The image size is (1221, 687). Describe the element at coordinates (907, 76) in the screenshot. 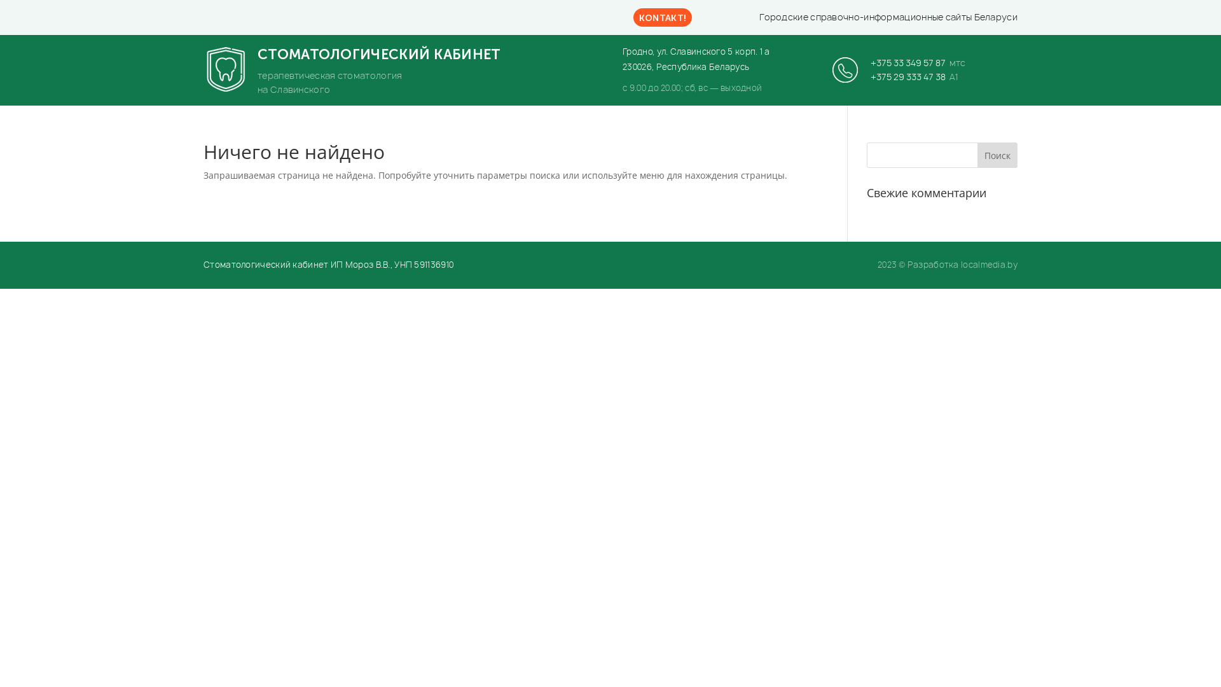

I see `'+375 29 333 47 38'` at that location.